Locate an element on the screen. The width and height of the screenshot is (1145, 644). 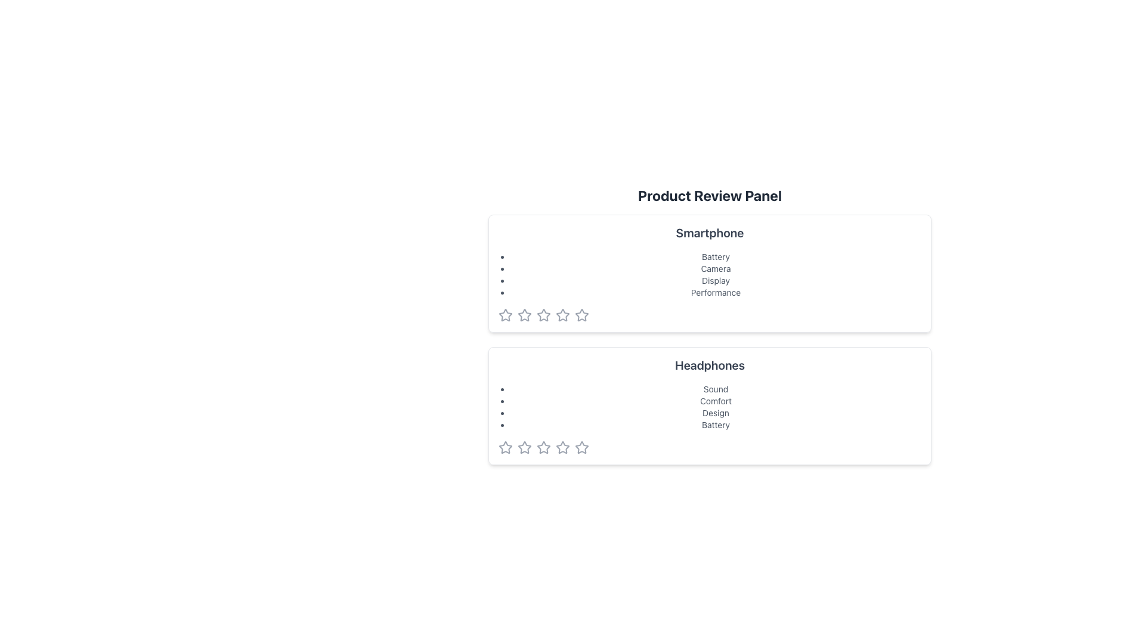
the 'Design' label in the bulleted list related to 'Headphones', which is the third item following 'Sound' and 'Comfort' is located at coordinates (716, 413).